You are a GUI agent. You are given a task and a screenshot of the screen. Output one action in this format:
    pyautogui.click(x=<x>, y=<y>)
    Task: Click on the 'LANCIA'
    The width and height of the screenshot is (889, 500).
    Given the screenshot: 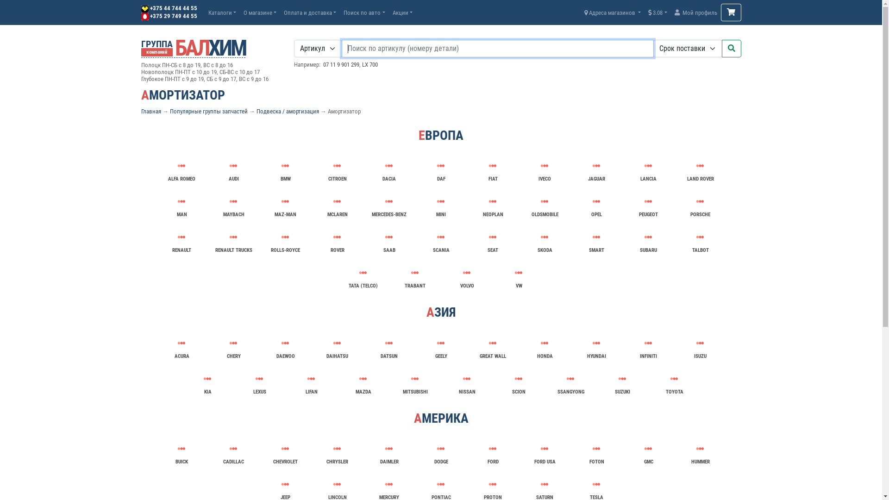 What is the action you would take?
    pyautogui.click(x=648, y=169)
    